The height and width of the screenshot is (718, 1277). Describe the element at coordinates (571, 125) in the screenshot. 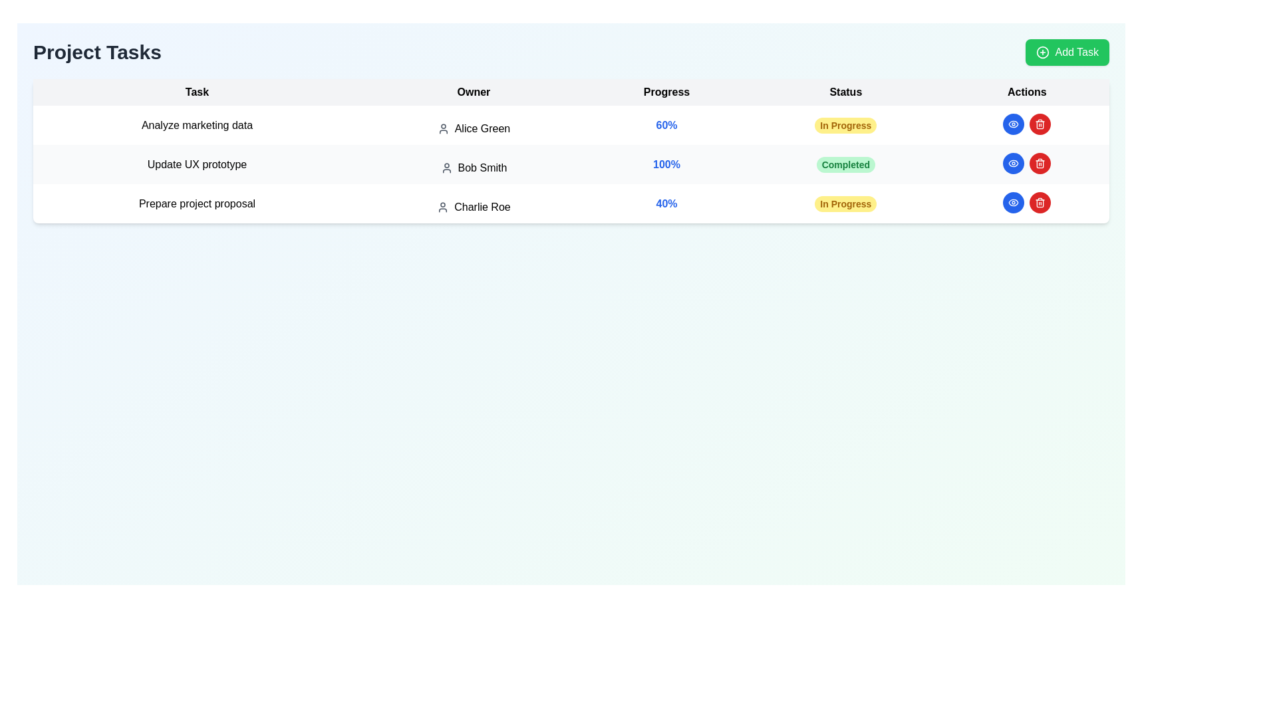

I see `task details from the first row in the 'Project Tasks' table, which includes information about the task, its owner, progress, and status` at that location.